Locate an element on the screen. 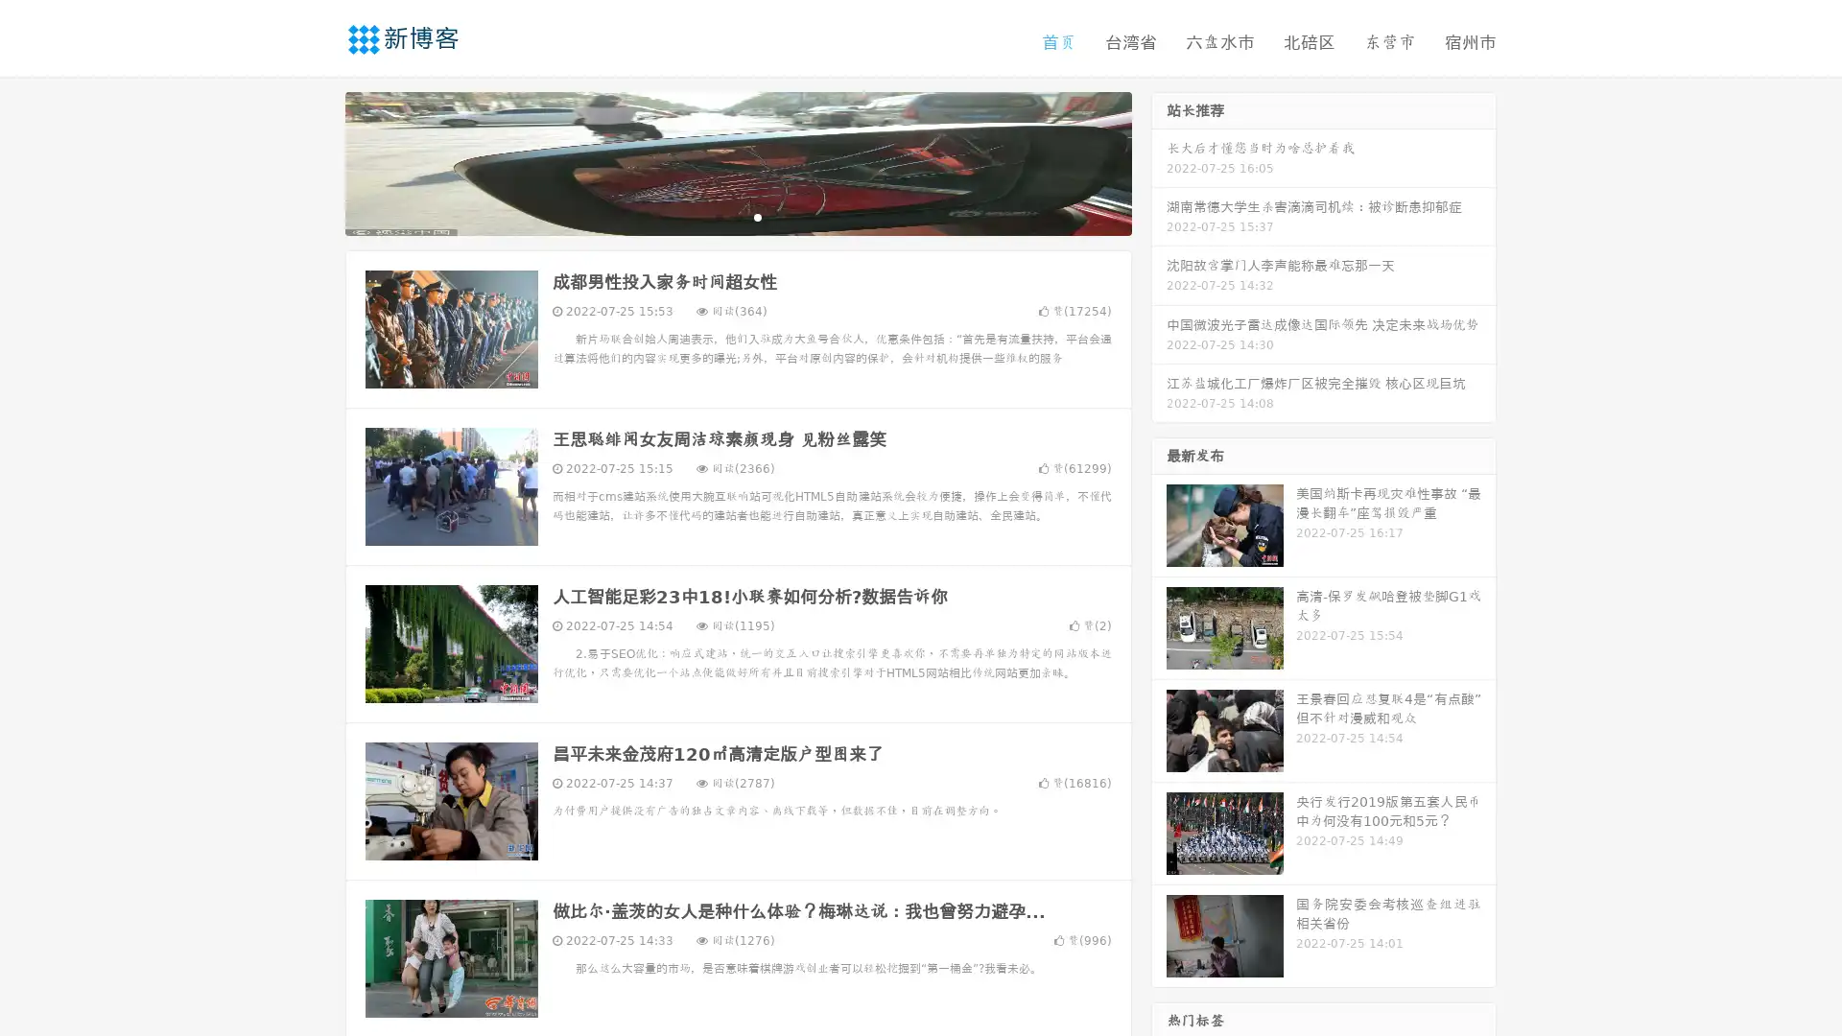  Go to slide 1 is located at coordinates (718, 216).